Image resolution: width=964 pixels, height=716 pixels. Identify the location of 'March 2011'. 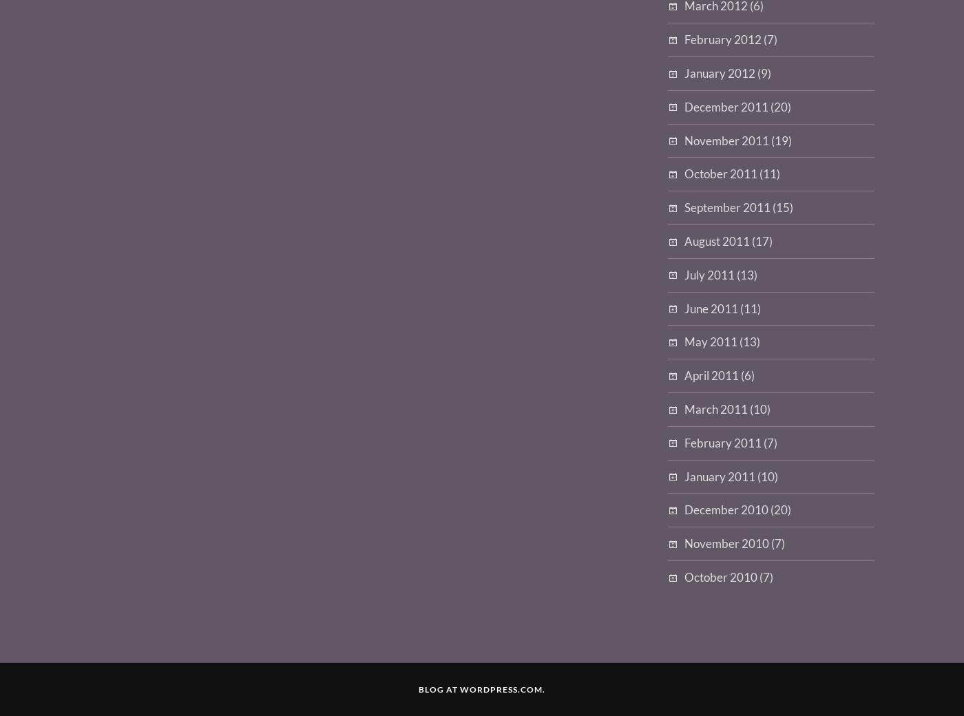
(716, 408).